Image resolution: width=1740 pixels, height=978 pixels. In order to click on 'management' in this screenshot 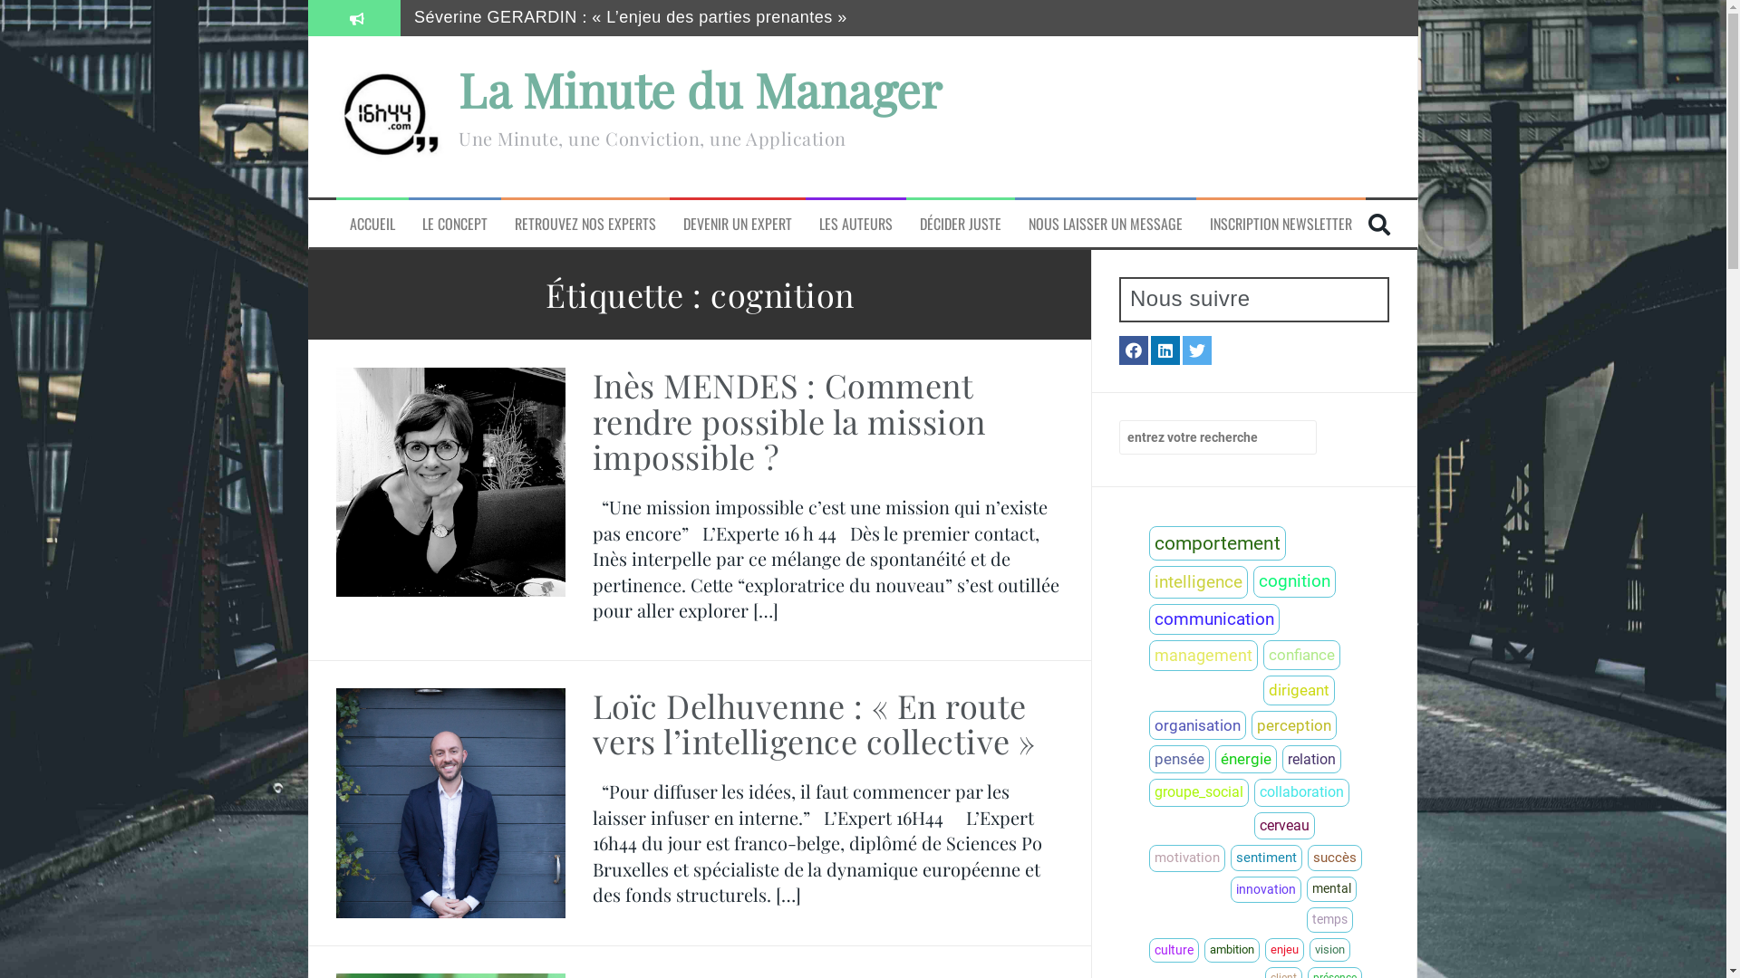, I will do `click(1203, 656)`.